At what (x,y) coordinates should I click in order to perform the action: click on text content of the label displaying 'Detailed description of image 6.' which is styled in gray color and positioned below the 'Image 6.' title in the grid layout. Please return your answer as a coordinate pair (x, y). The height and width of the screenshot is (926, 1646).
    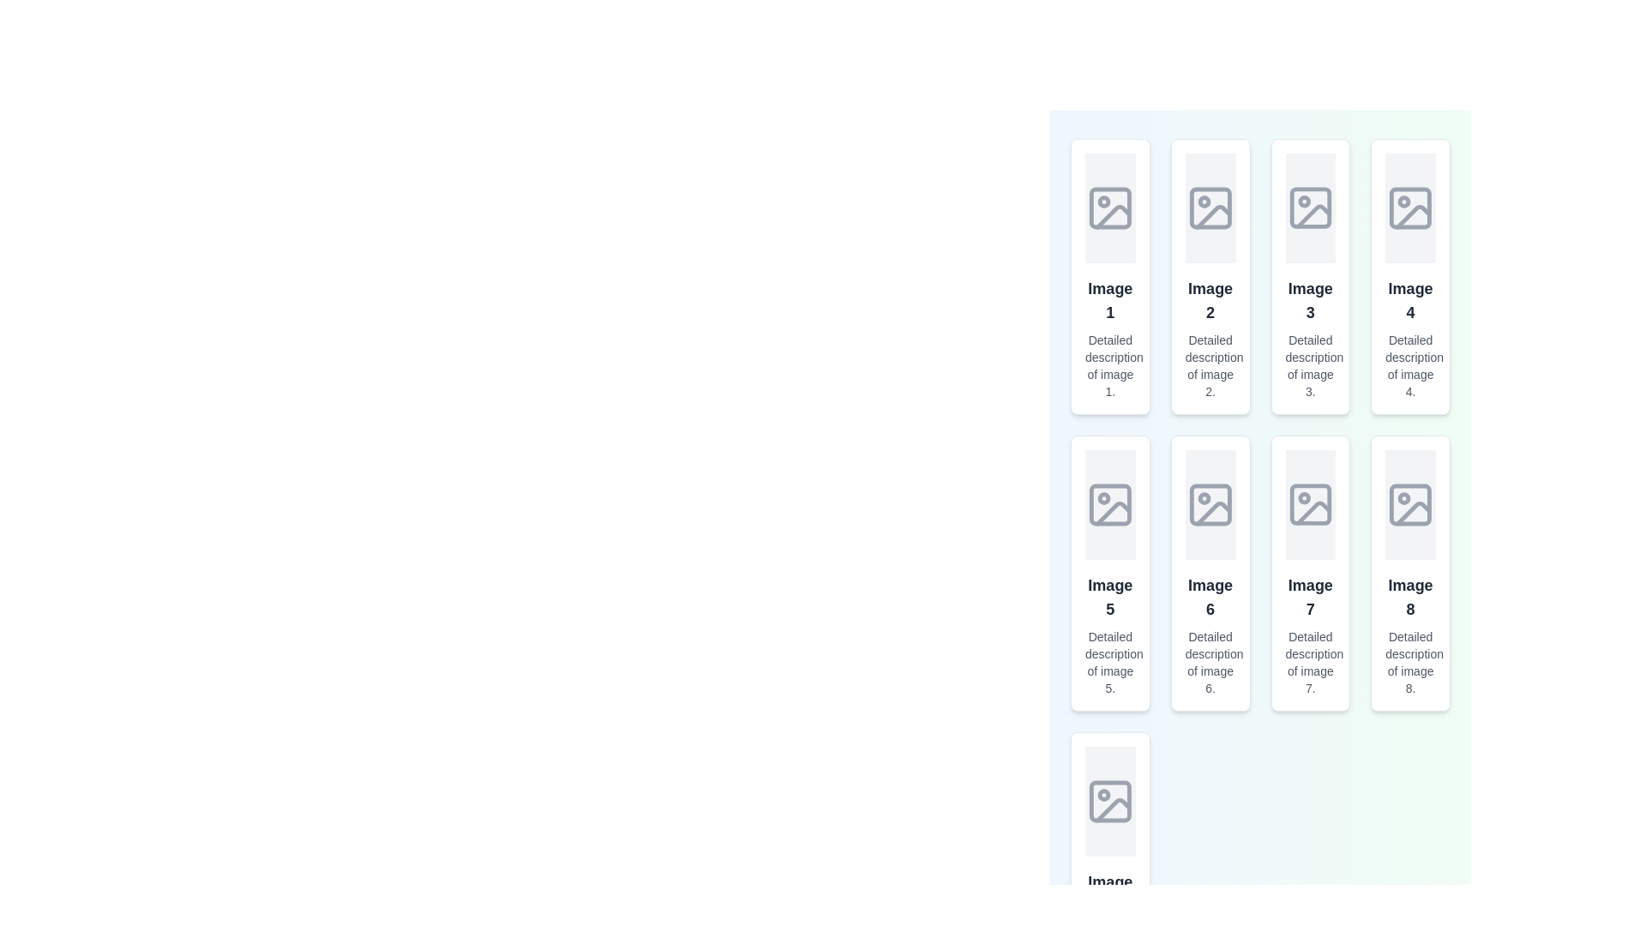
    Looking at the image, I should click on (1210, 661).